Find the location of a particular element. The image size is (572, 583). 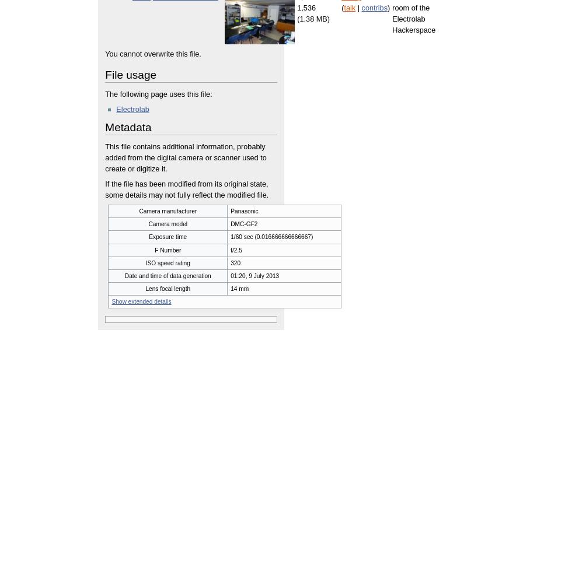

'14 mm' is located at coordinates (239, 287).